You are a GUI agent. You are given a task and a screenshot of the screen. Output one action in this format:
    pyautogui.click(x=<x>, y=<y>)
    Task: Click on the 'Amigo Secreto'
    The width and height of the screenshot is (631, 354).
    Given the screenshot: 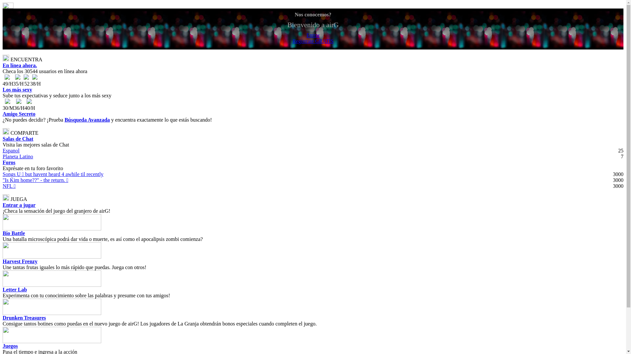 What is the action you would take?
    pyautogui.click(x=19, y=113)
    